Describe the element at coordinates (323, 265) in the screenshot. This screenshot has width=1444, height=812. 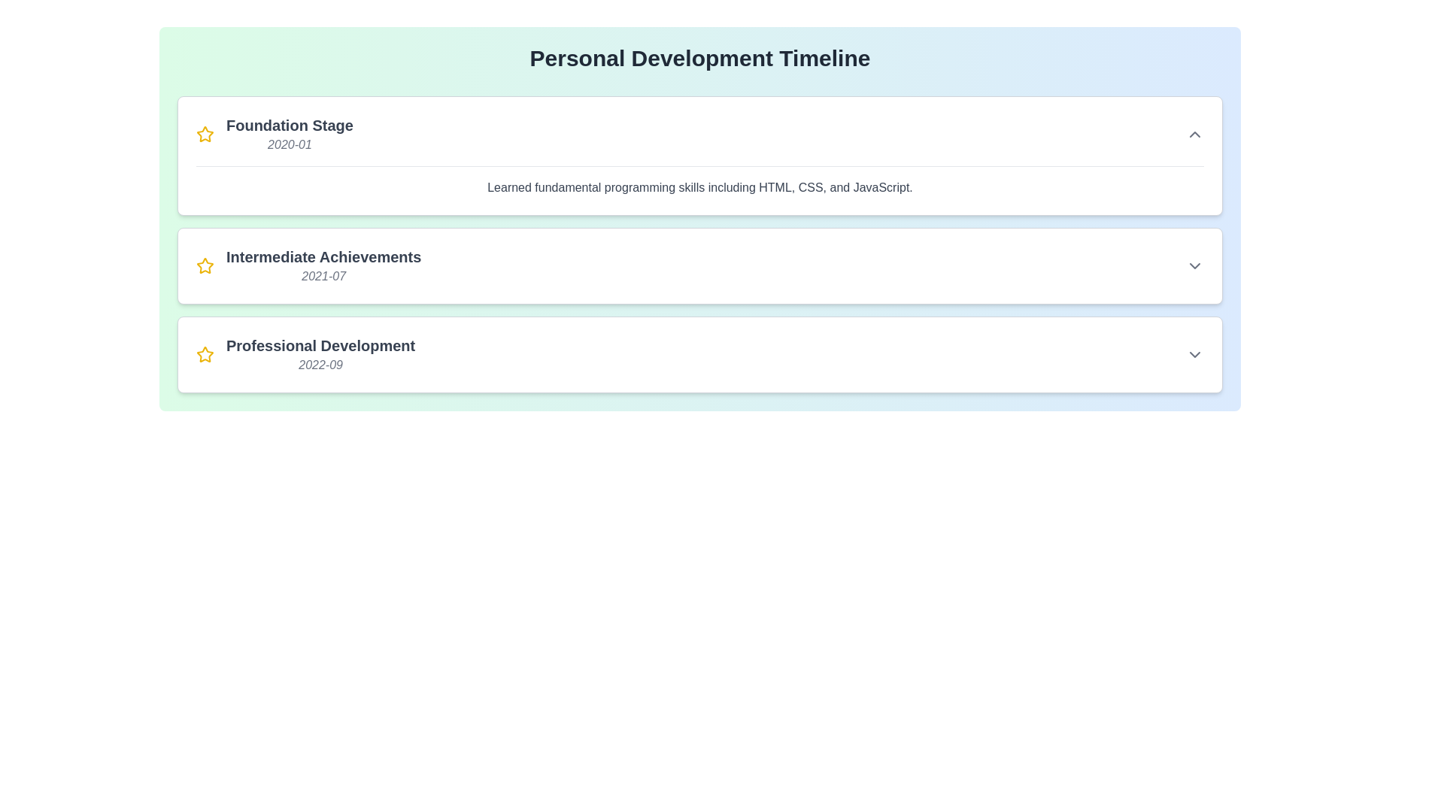
I see `the timeline entry titled 'Intermediate Achievements' which includes the date '2021-07'` at that location.